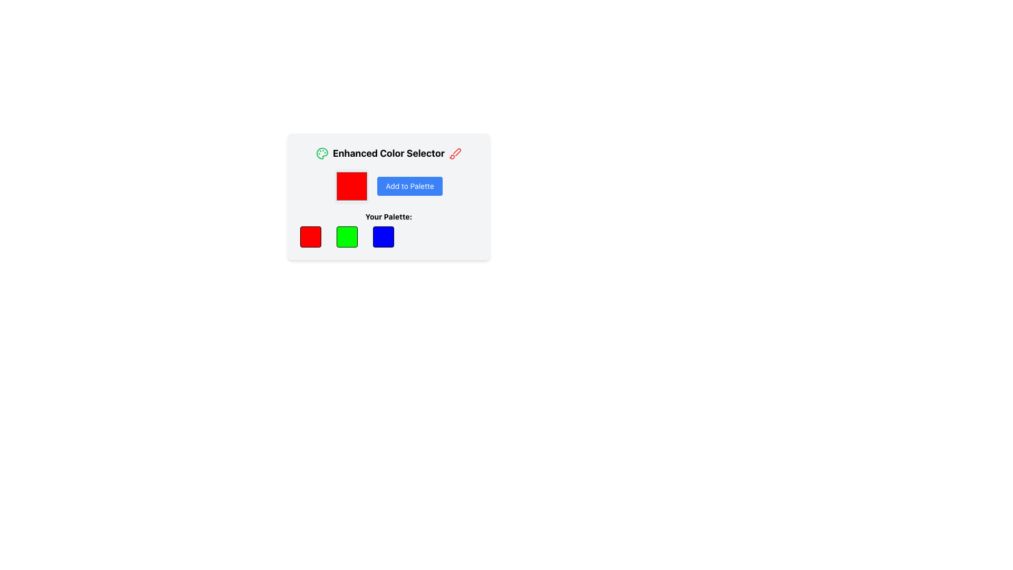  Describe the element at coordinates (409, 186) in the screenshot. I see `the button that adds the selected color to the color palette in the Enhanced Color Selector section` at that location.